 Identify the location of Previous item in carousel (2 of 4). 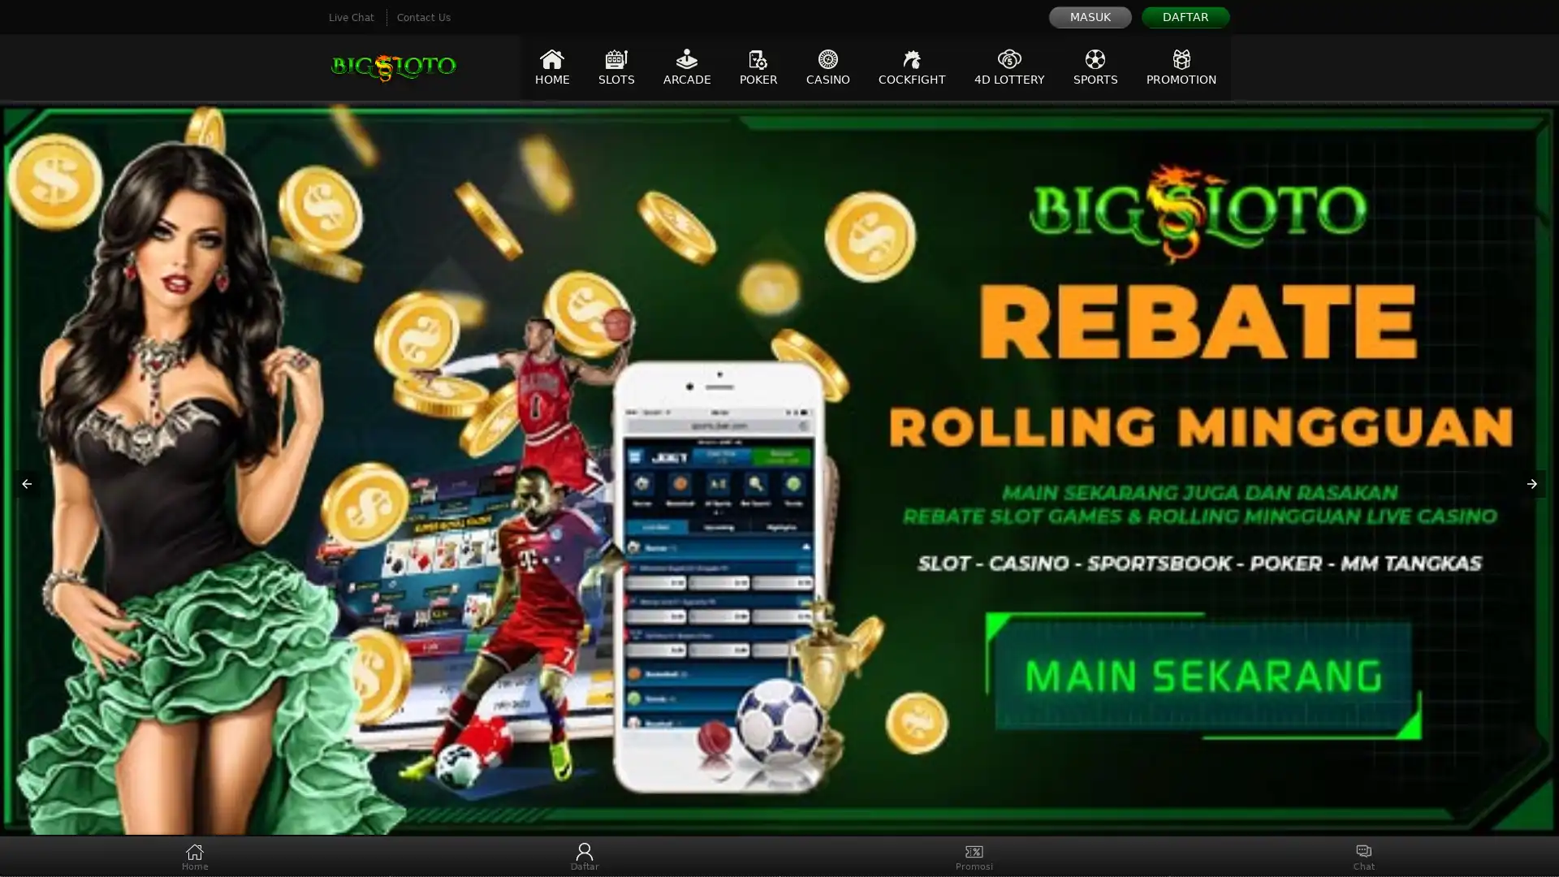
(27, 484).